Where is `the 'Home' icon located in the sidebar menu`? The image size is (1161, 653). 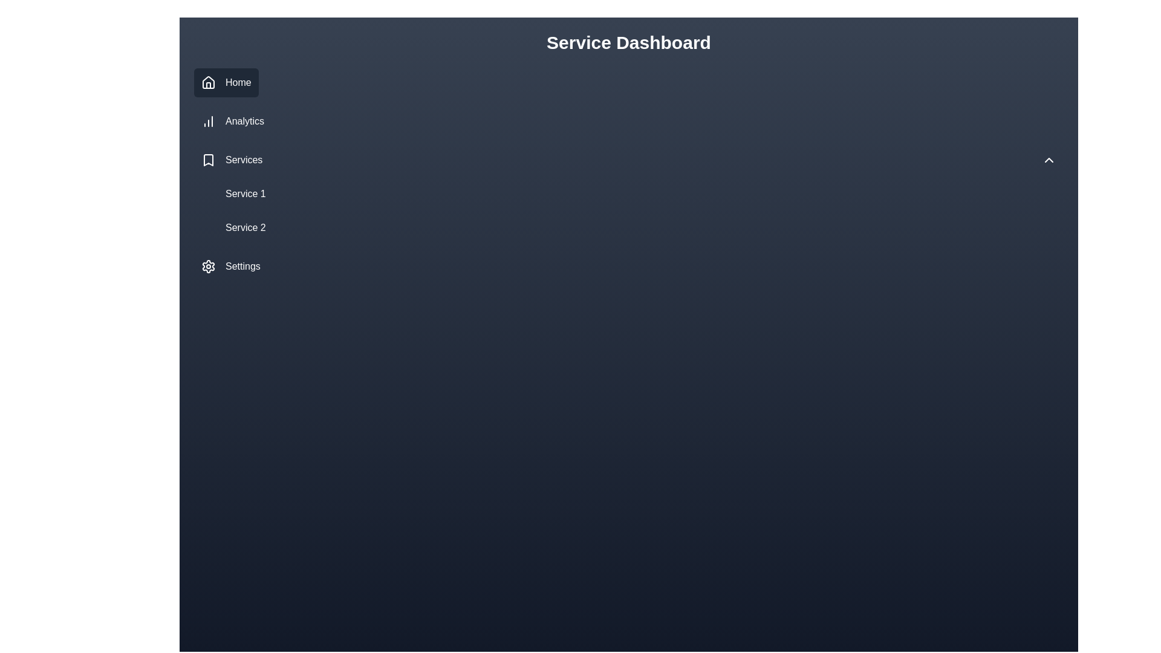 the 'Home' icon located in the sidebar menu is located at coordinates (209, 82).